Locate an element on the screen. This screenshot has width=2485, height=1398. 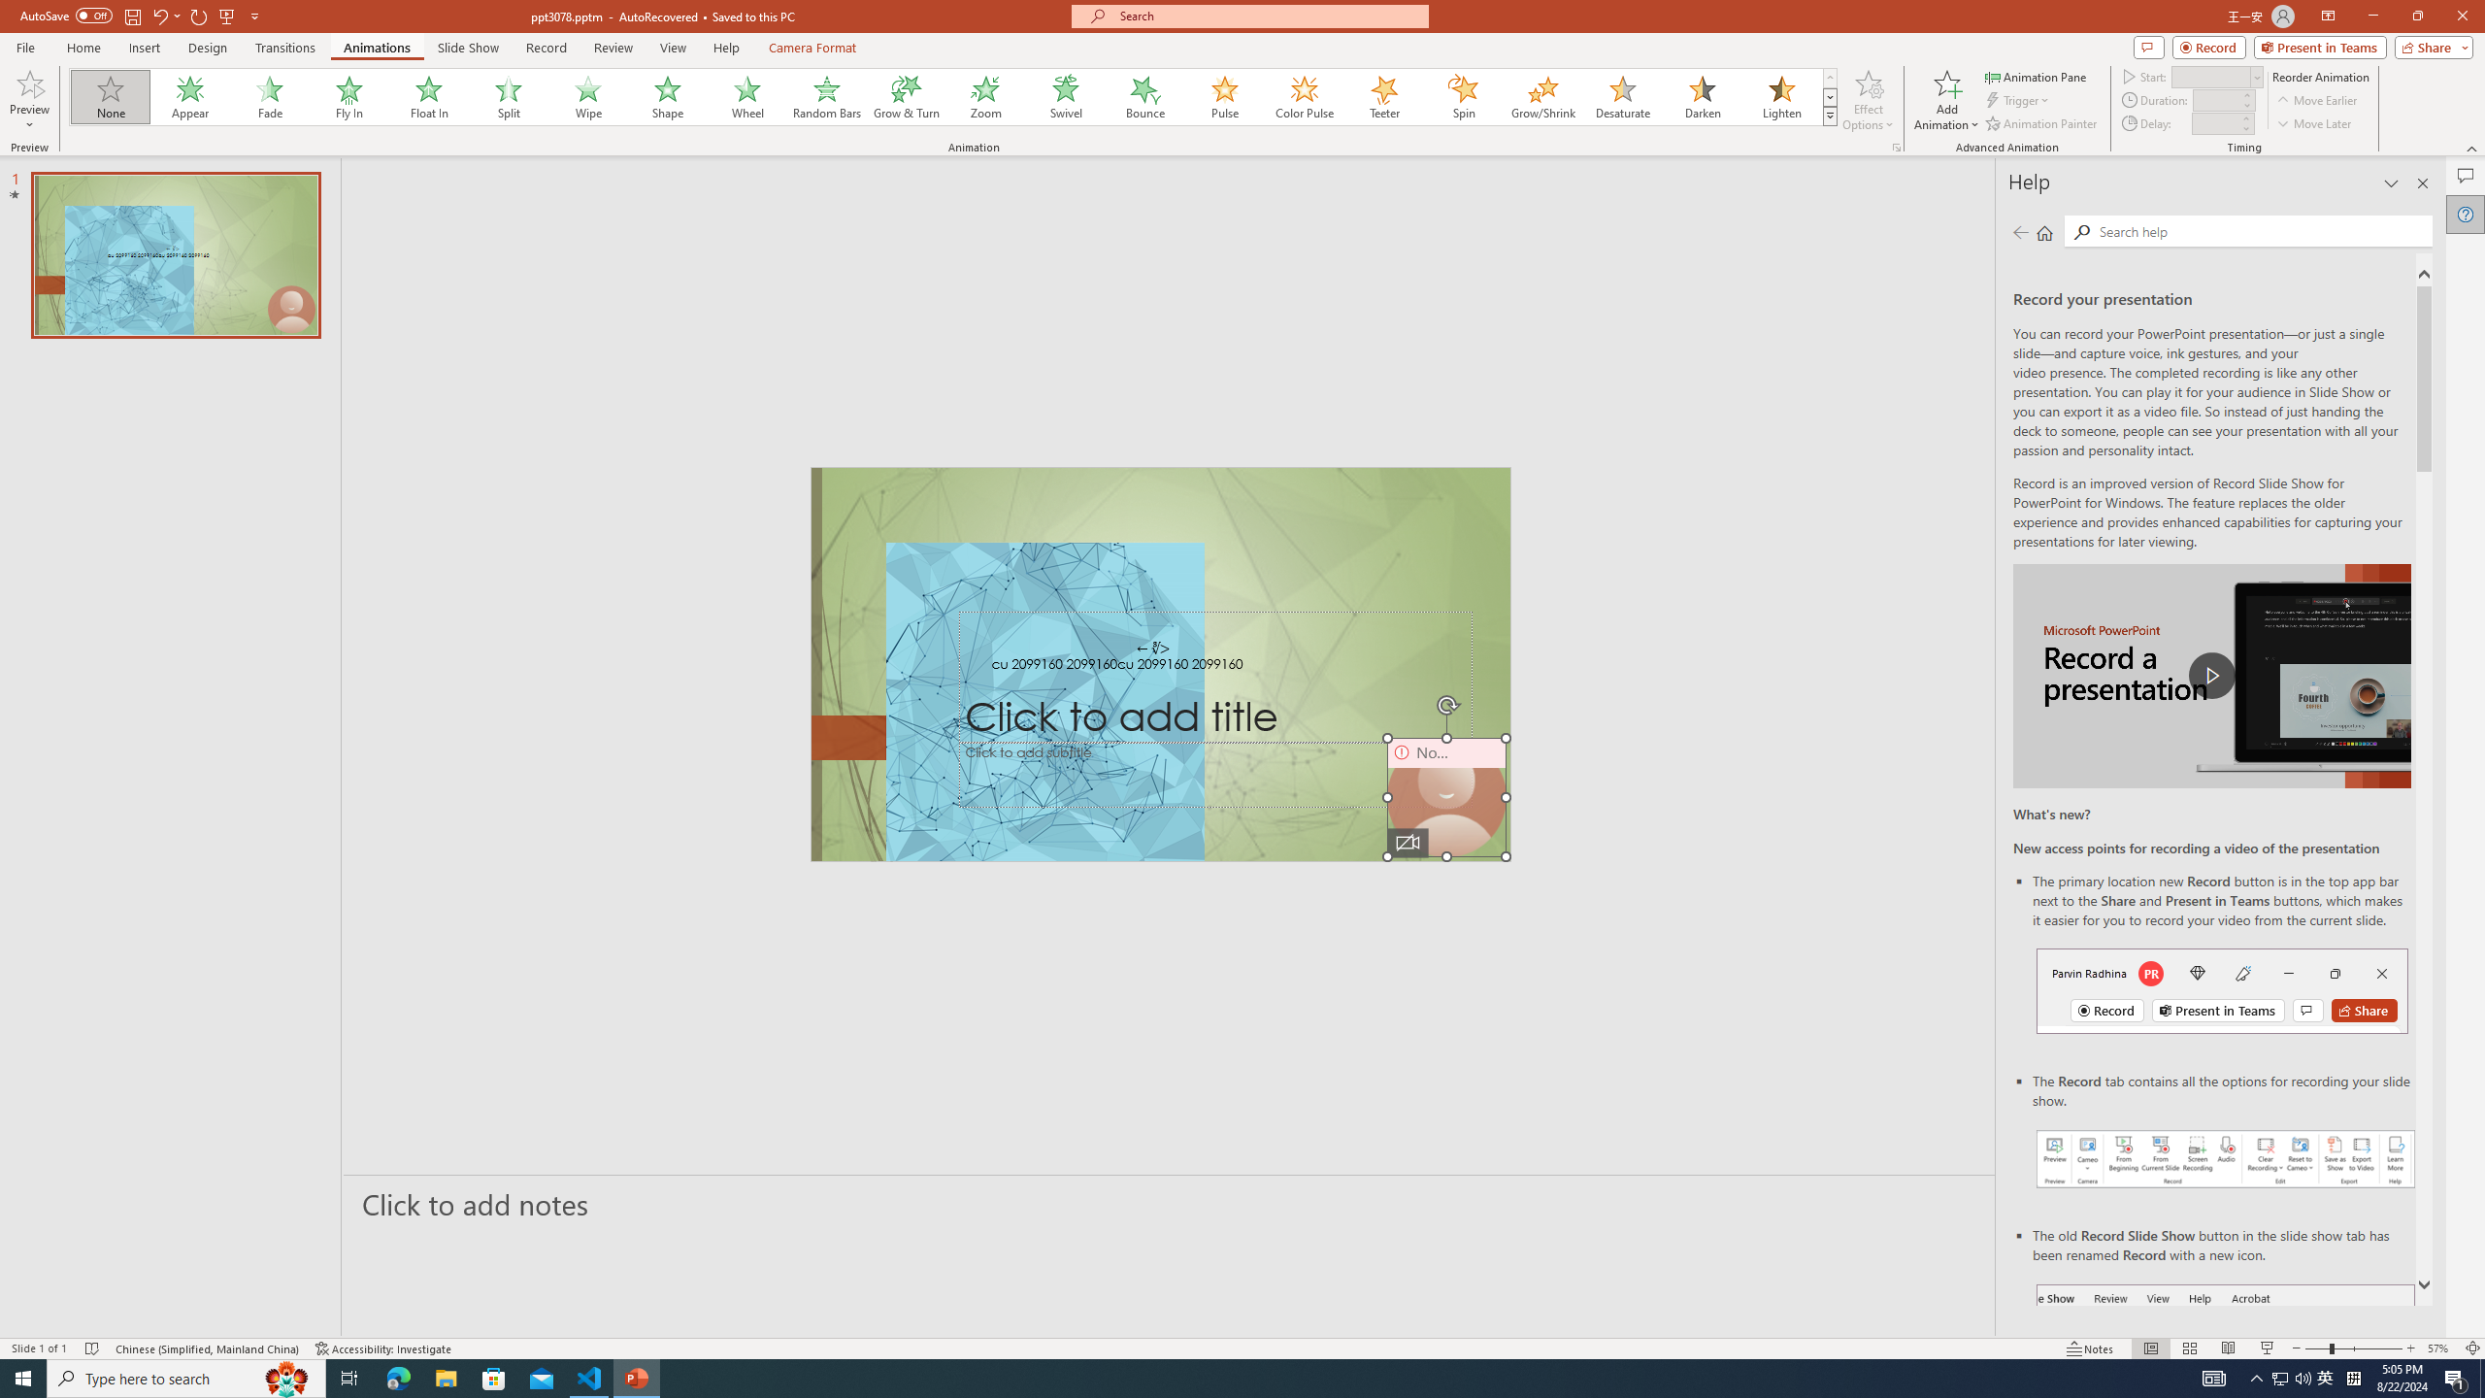
'Animation Duration' is located at coordinates (2215, 99).